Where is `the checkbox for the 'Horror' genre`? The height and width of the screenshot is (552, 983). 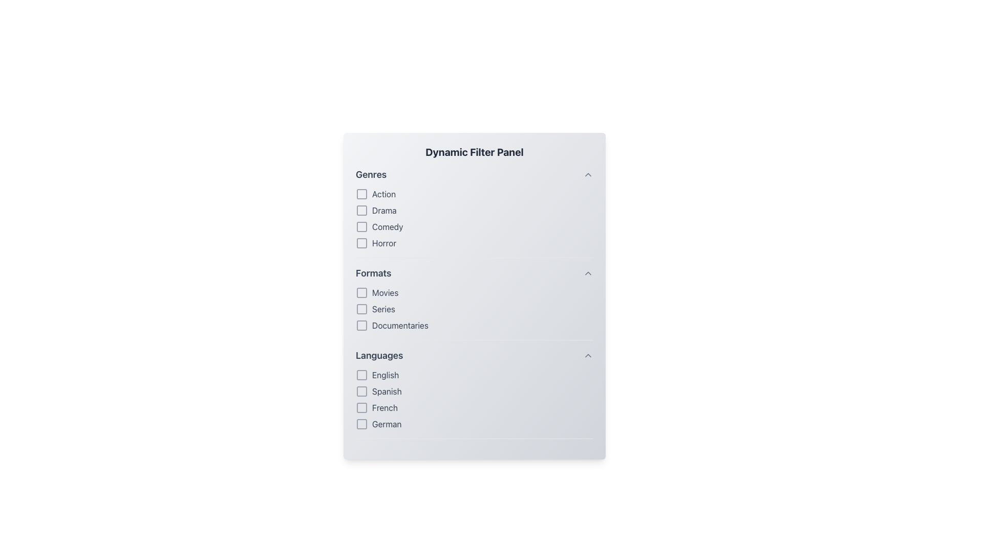
the checkbox for the 'Horror' genre is located at coordinates (361, 243).